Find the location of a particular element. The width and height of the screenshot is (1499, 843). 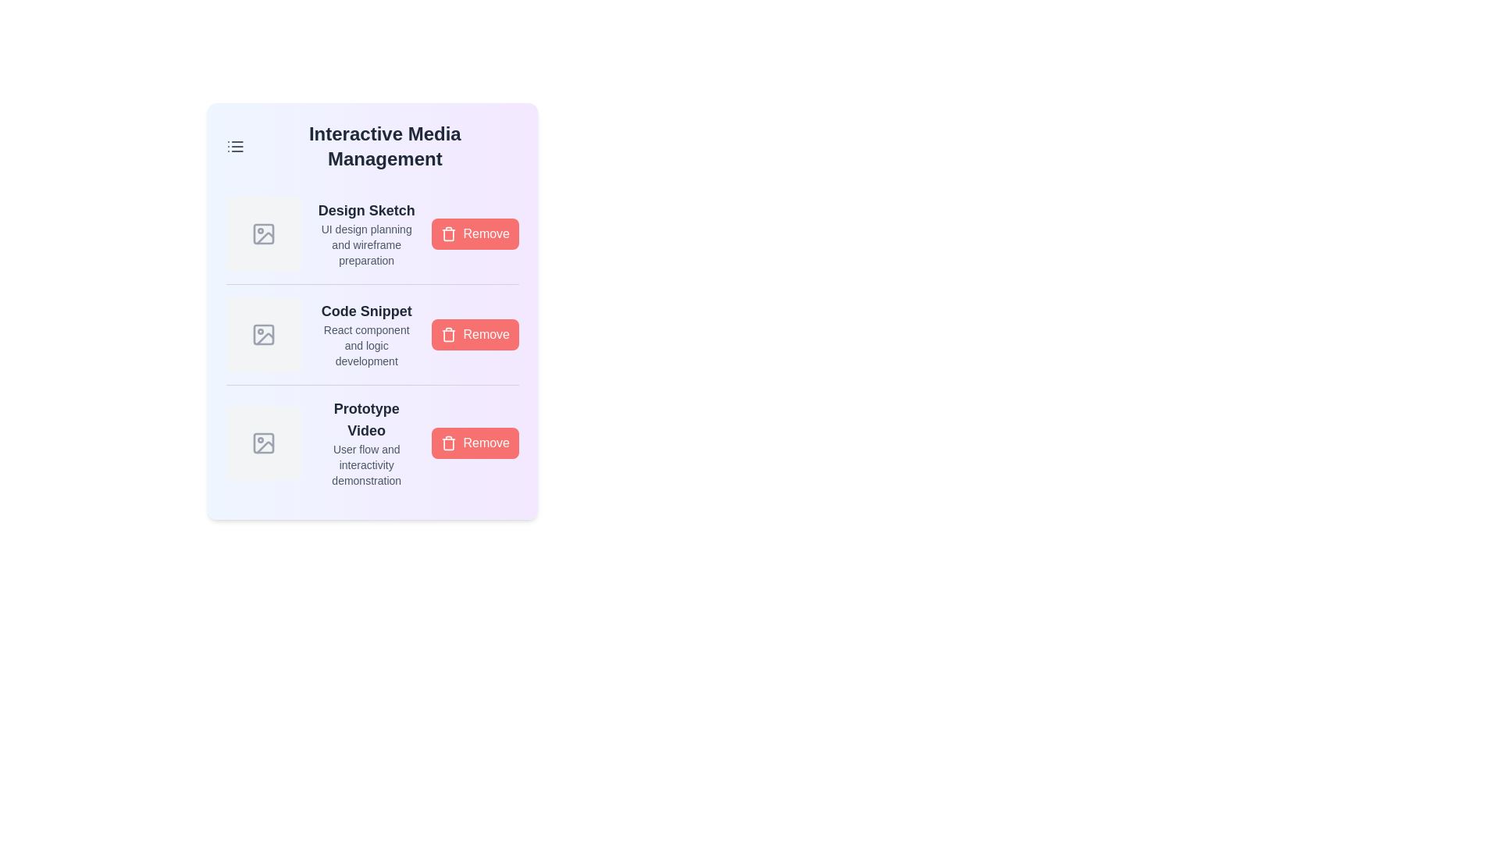

'Remove' button for the item with the name 'Prototype Video' is located at coordinates (475, 443).